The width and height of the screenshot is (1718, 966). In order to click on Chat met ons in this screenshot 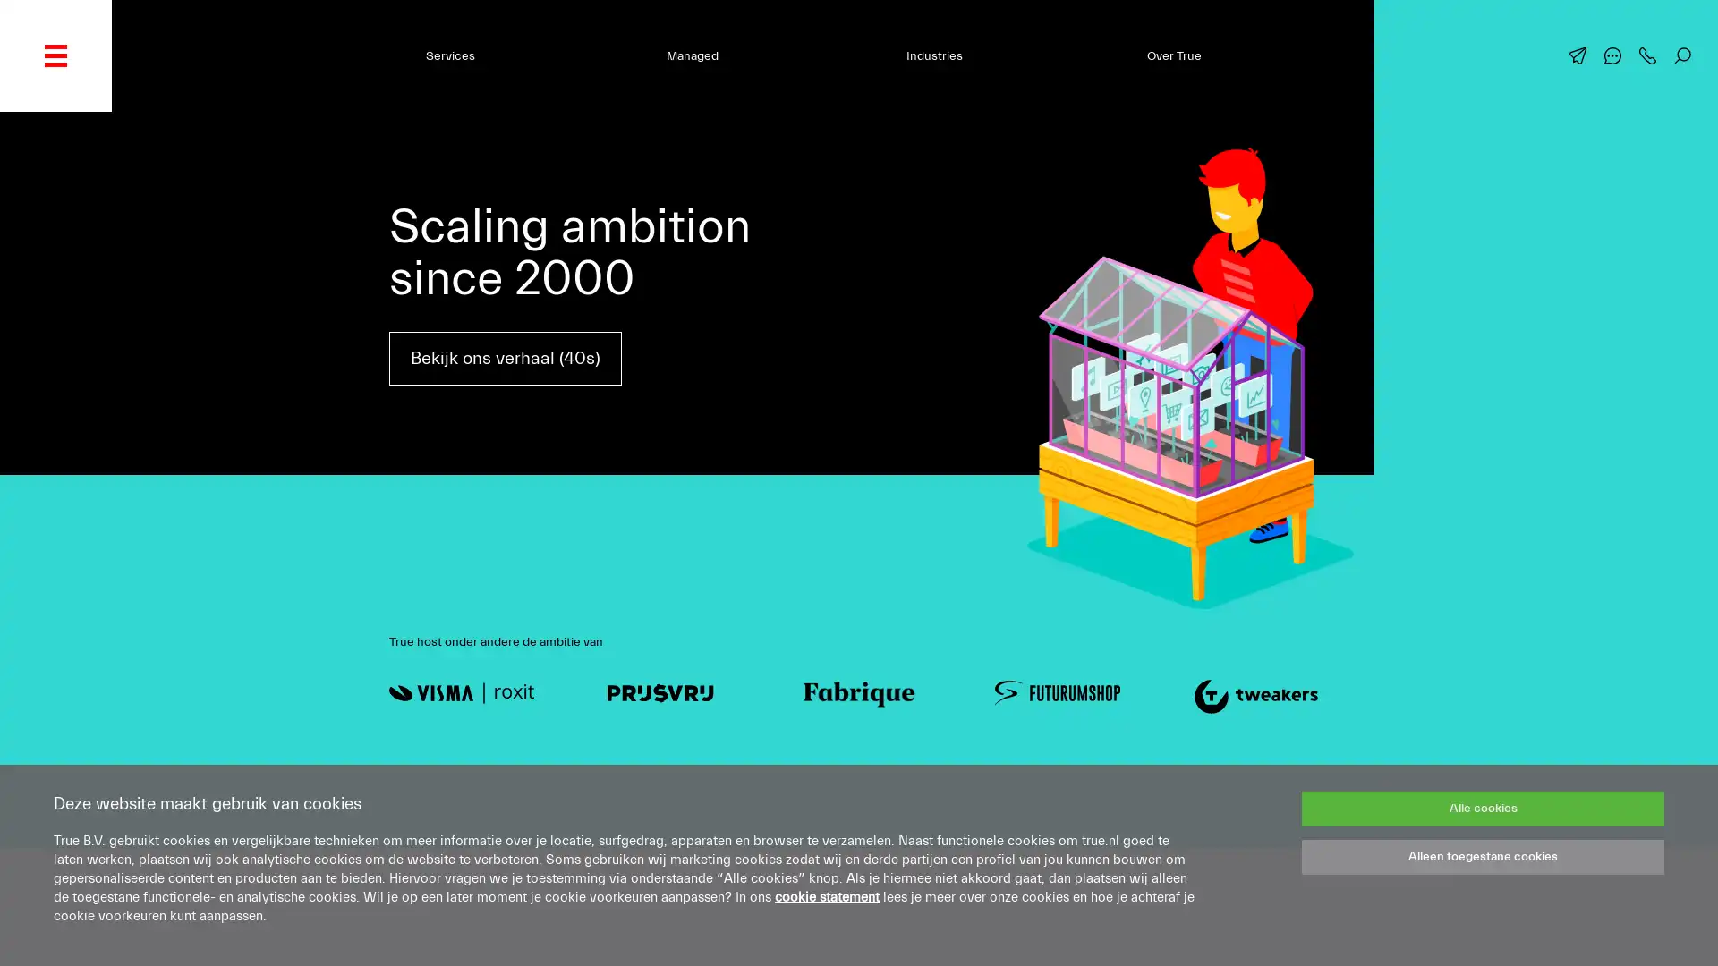, I will do `click(1621, 55)`.